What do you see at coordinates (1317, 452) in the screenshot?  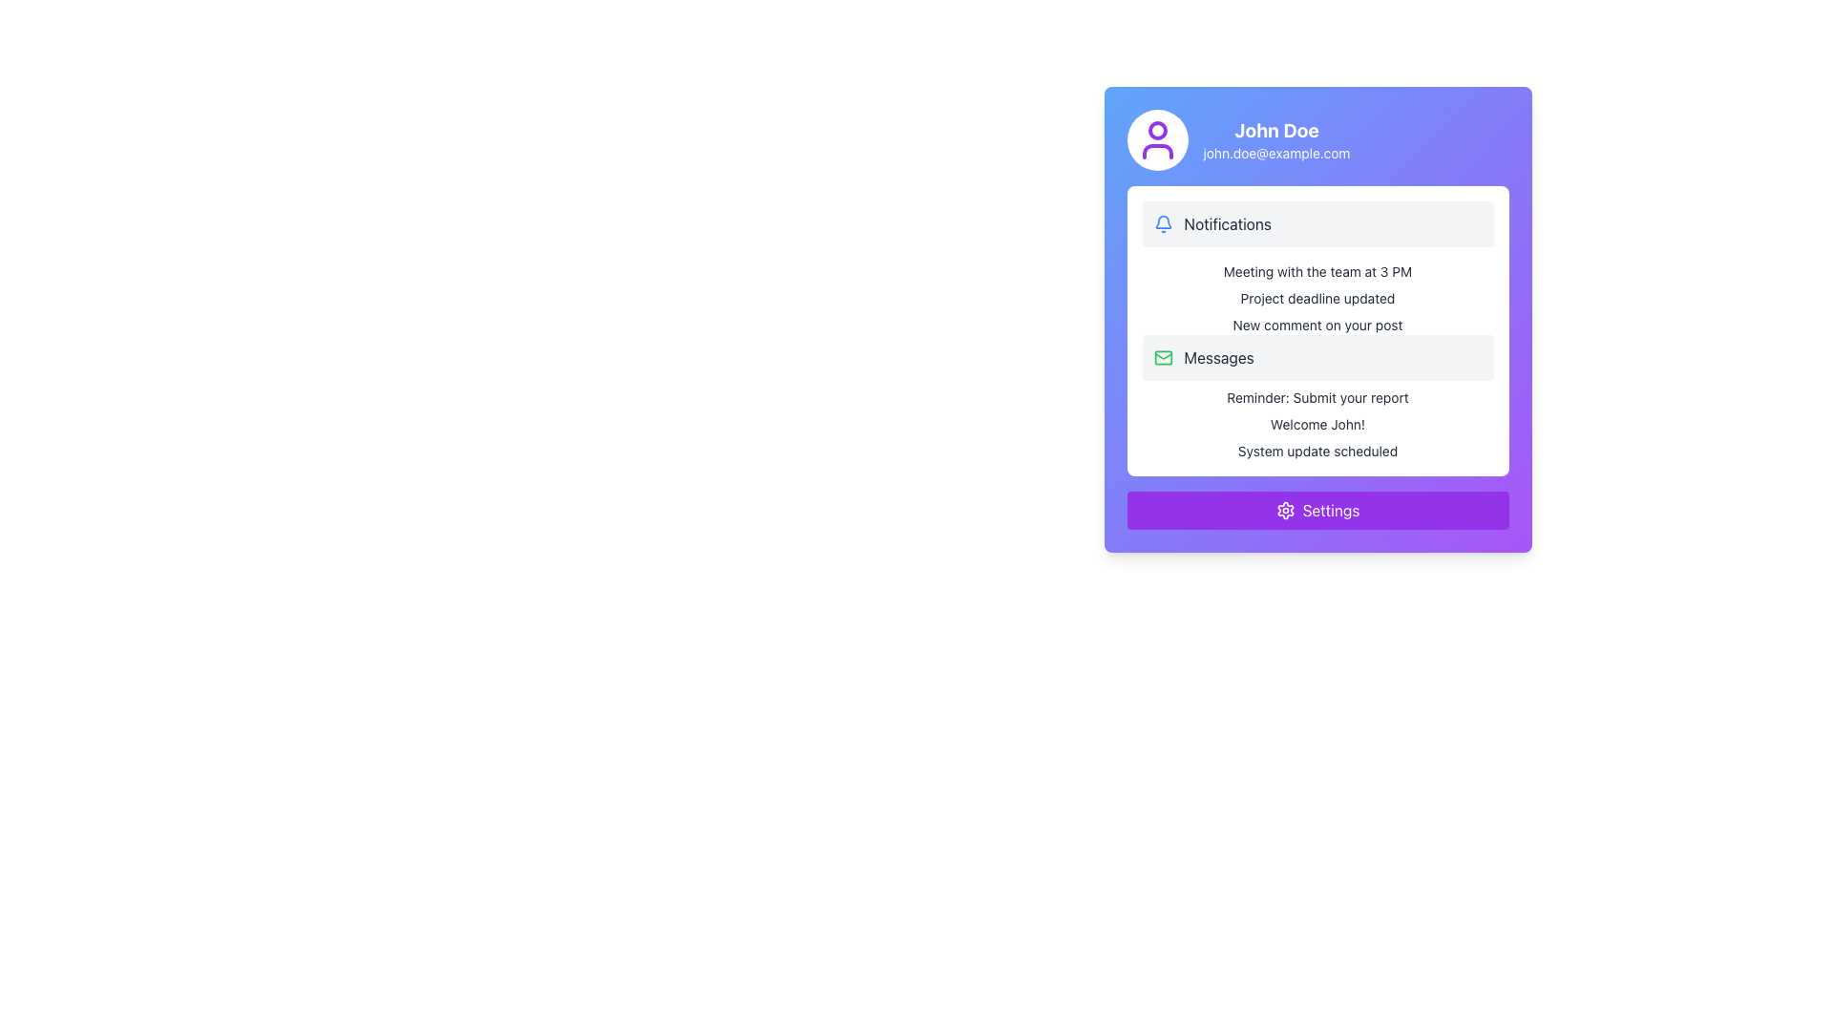 I see `the text label displaying 'System update scheduled', which is the last item in the messages group, centered at the bottom of the panel` at bounding box center [1317, 452].